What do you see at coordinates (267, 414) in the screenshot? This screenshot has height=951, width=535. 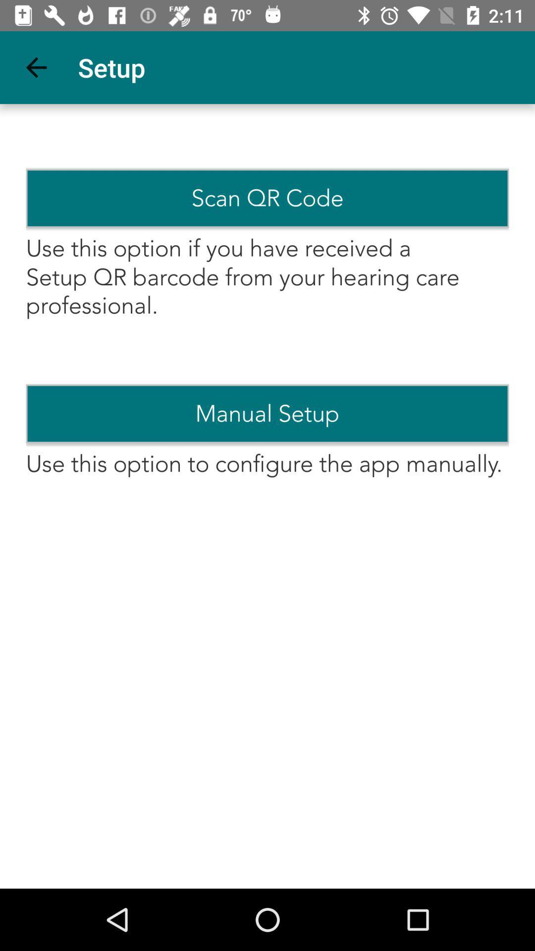 I see `item below use this option item` at bounding box center [267, 414].